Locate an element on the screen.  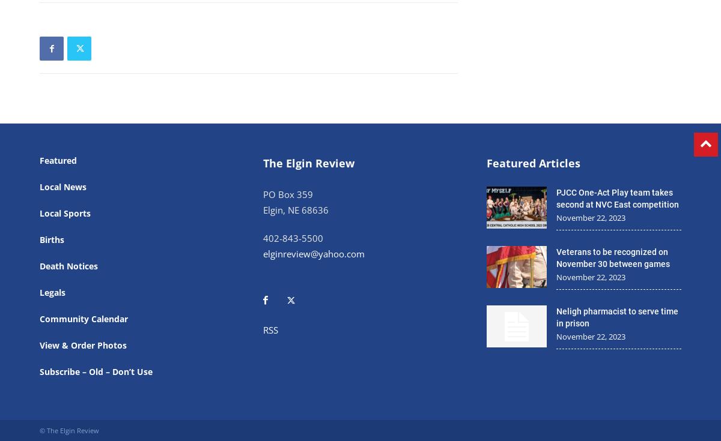
'elginreview@yahoo.com' is located at coordinates (313, 253).